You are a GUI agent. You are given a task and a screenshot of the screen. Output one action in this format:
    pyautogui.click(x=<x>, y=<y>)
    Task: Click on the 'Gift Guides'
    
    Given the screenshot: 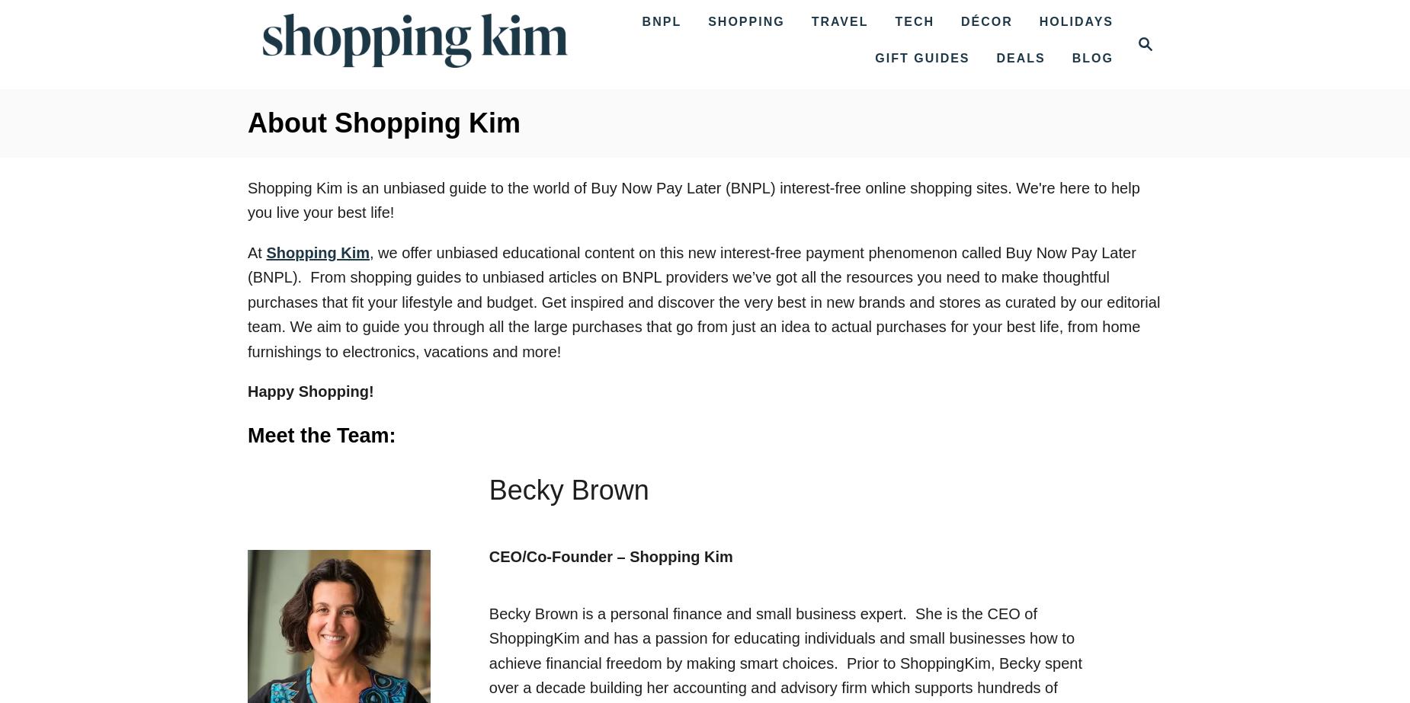 What is the action you would take?
    pyautogui.click(x=921, y=58)
    